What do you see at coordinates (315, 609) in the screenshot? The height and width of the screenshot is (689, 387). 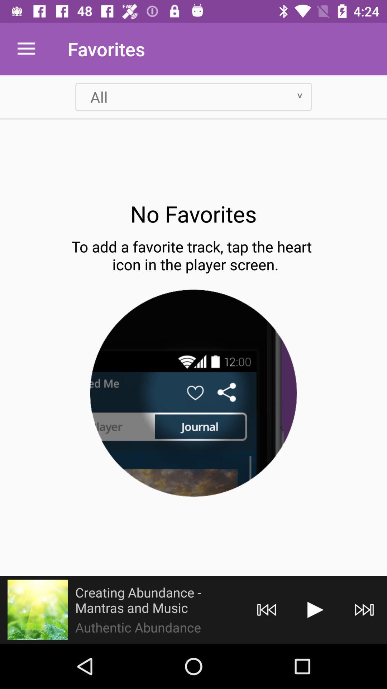 I see `go forward` at bounding box center [315, 609].